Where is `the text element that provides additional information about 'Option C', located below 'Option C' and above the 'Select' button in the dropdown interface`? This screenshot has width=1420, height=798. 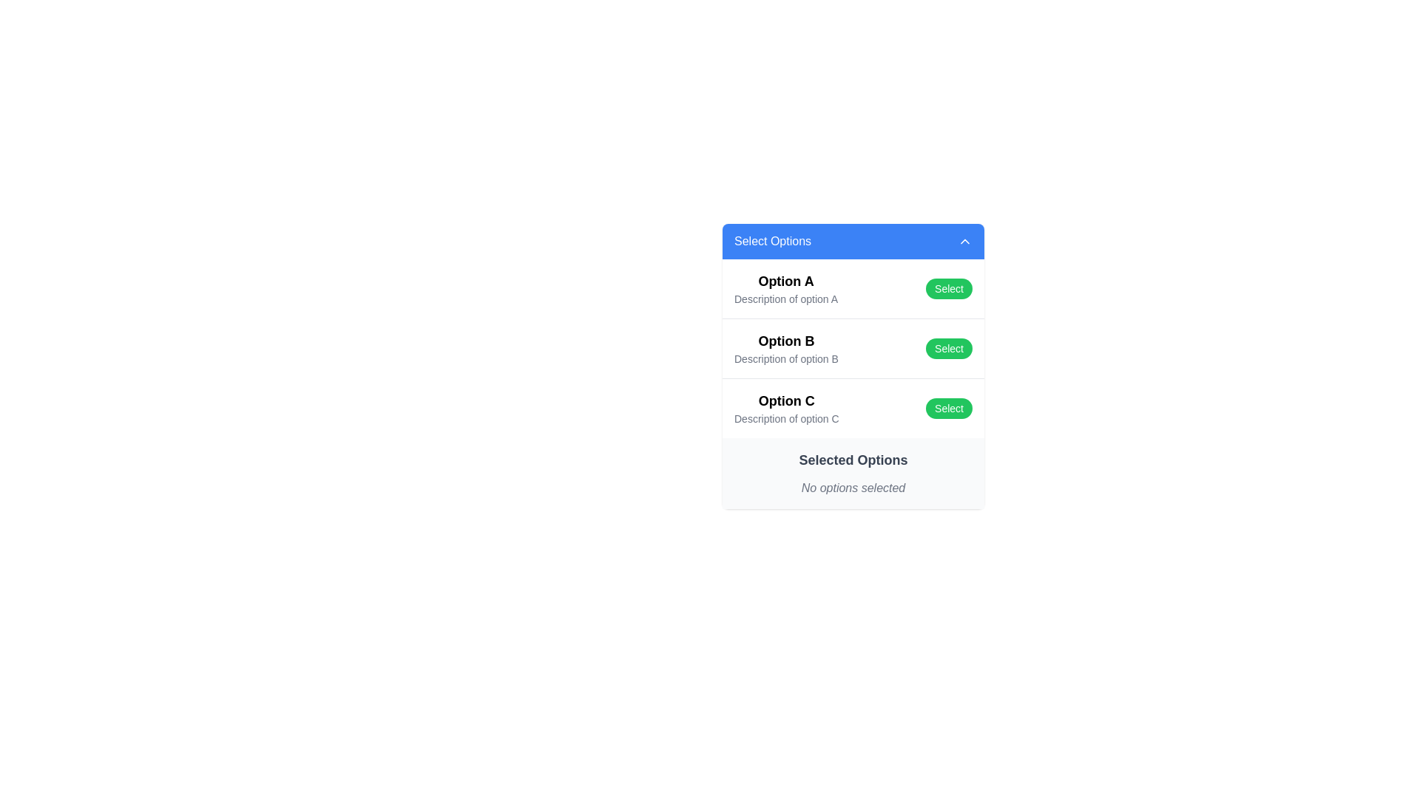
the text element that provides additional information about 'Option C', located below 'Option C' and above the 'Select' button in the dropdown interface is located at coordinates (785, 419).